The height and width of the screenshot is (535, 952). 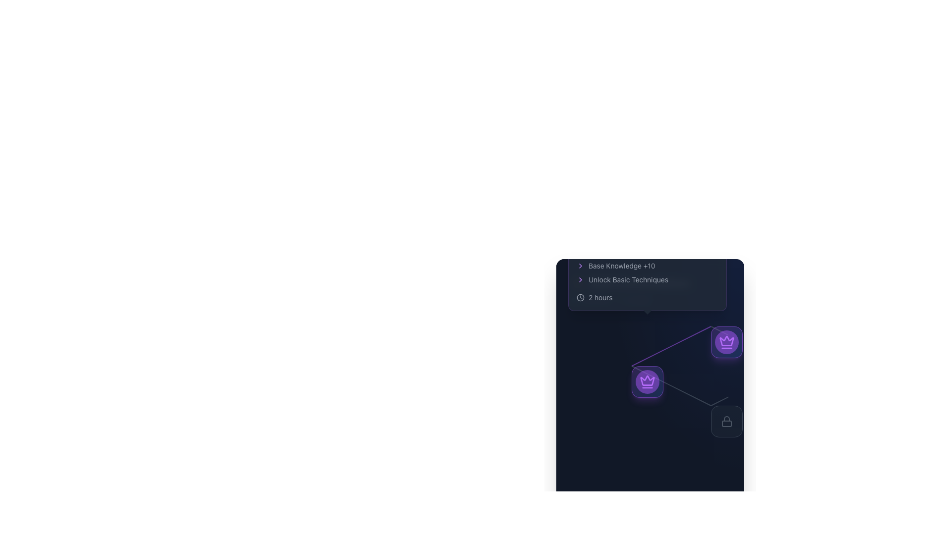 I want to click on the center node of the graphical skill map to interact with it, allowing users, so click(x=650, y=369).